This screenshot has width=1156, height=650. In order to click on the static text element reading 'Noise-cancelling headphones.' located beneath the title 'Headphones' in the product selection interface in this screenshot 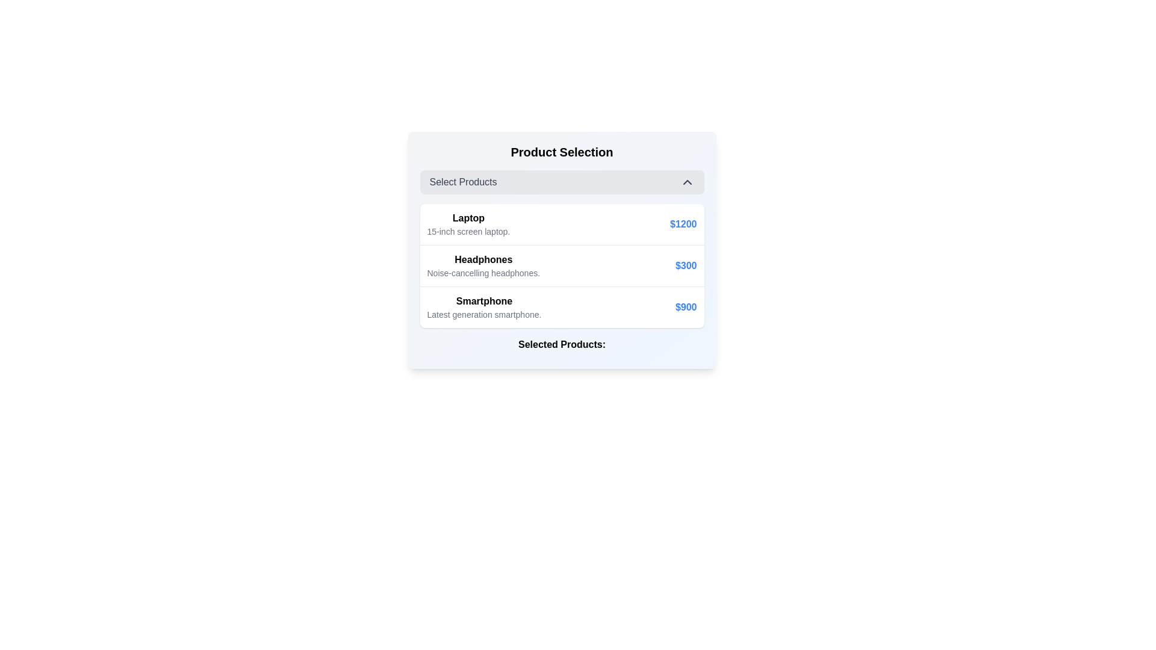, I will do `click(483, 273)`.